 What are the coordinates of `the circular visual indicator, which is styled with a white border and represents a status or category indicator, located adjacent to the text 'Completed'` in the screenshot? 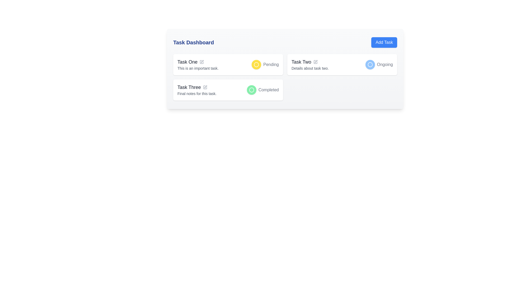 It's located at (251, 89).